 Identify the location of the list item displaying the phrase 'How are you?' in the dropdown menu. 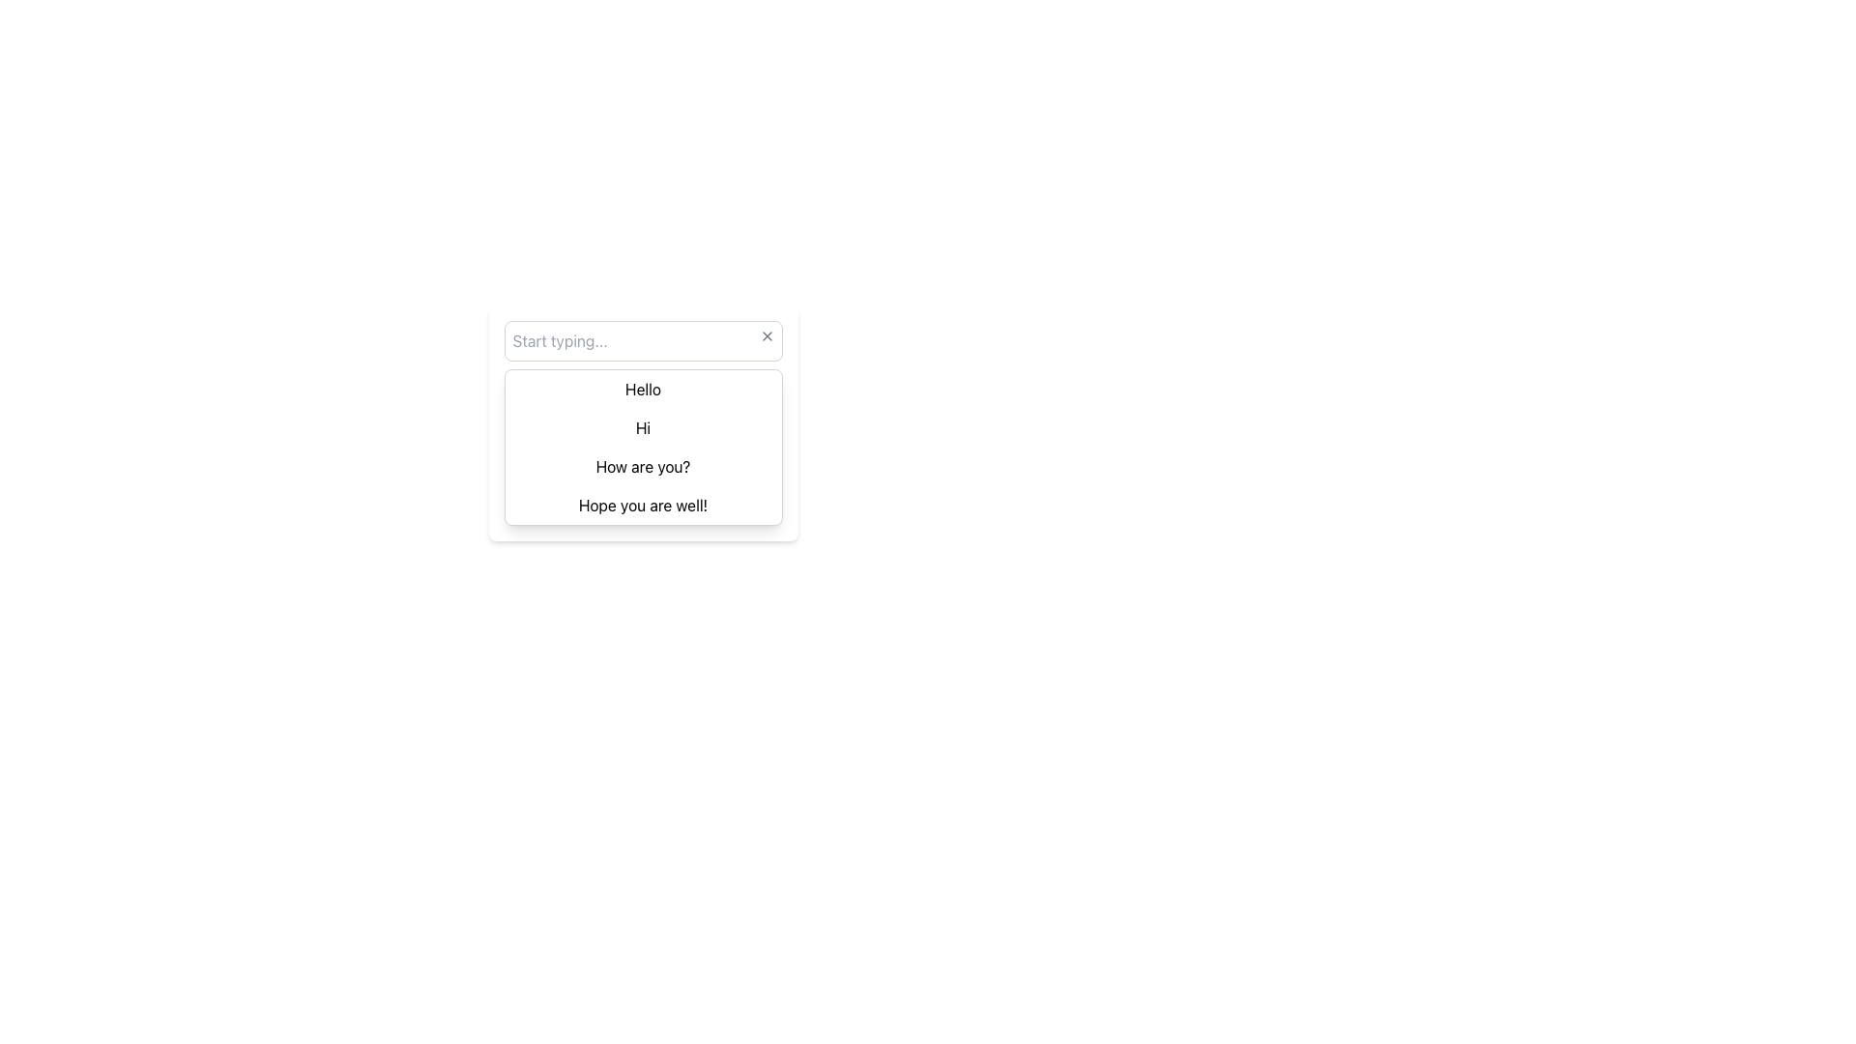
(643, 466).